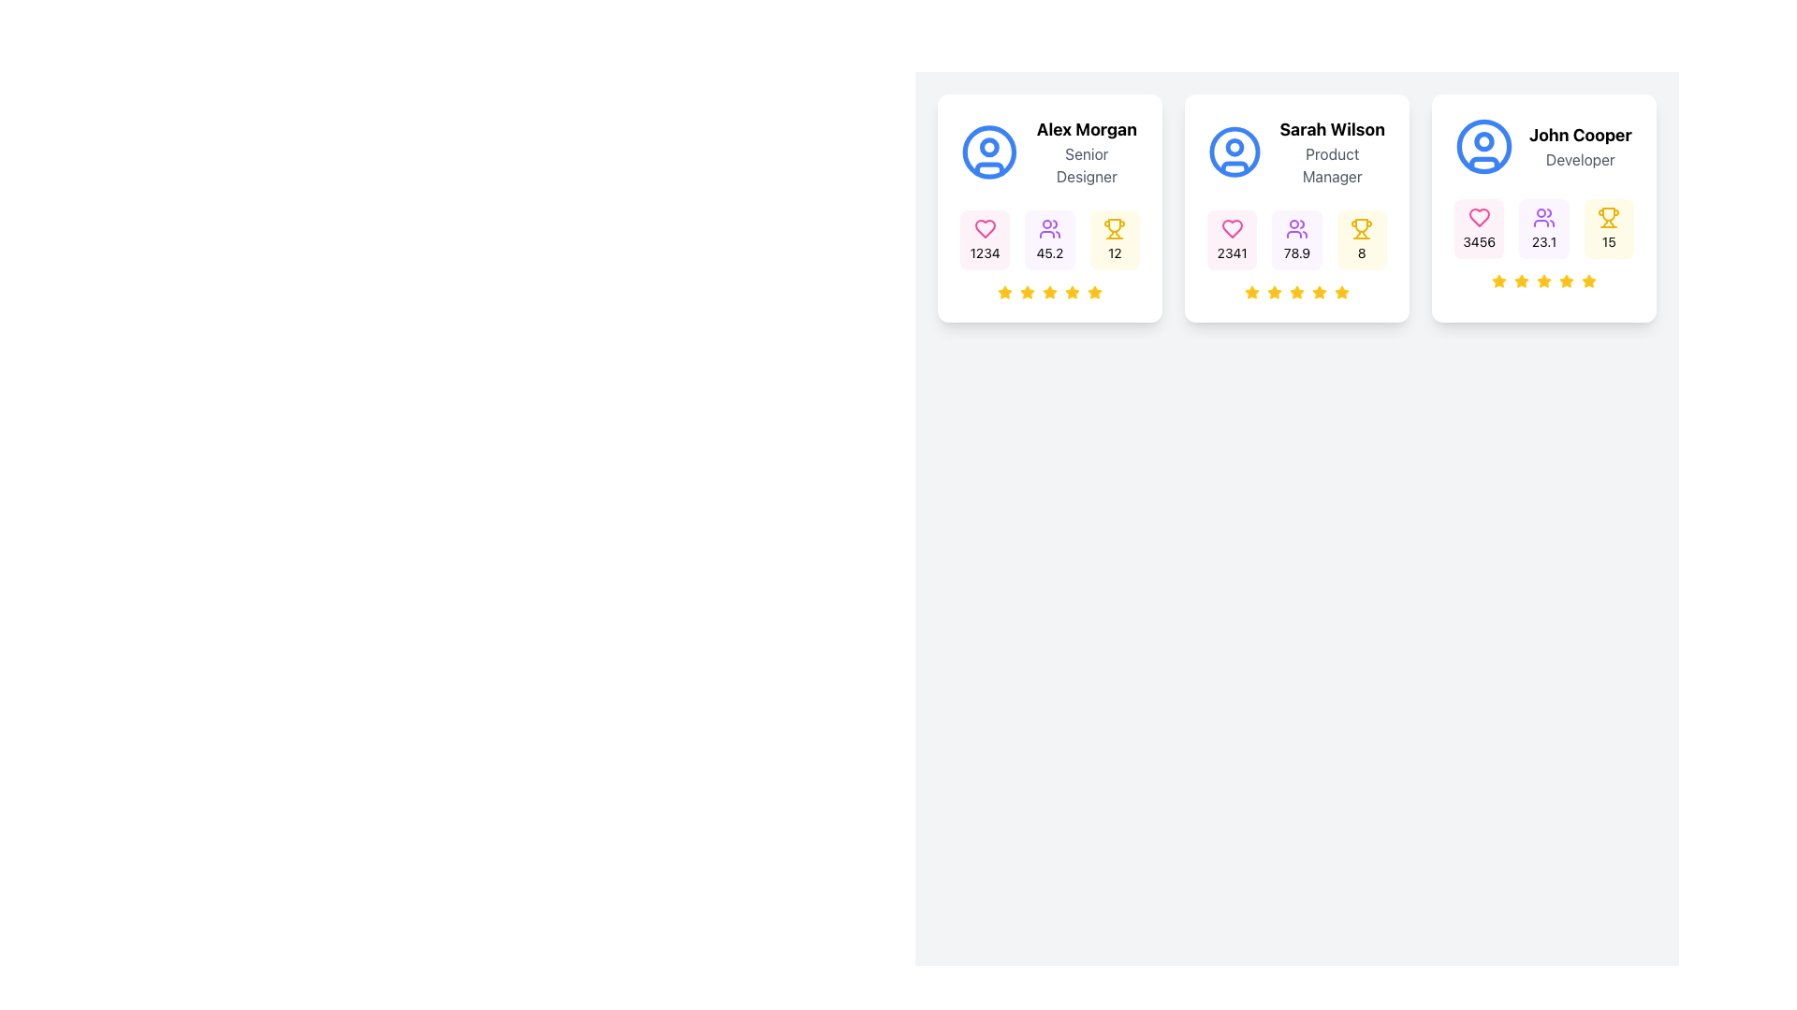 The image size is (1797, 1010). I want to click on the trophy icon with a bold yellow stroke located in the third profile card associated with 'John Cooper', positioned at the bottom right corner of the card, so click(1362, 224).